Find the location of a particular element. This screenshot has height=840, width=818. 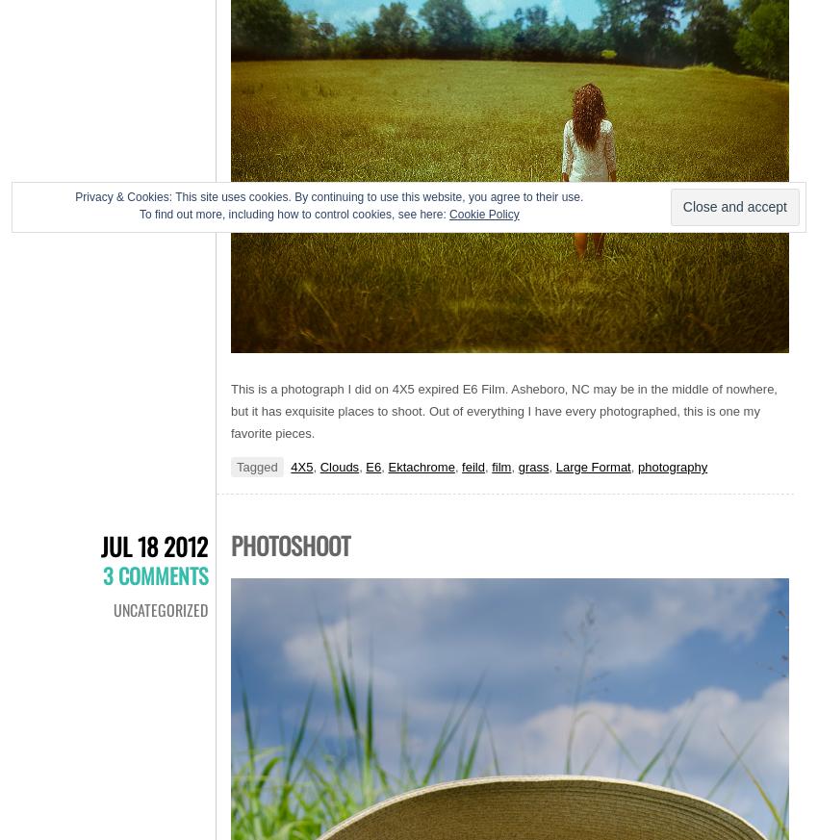

'Cookie Policy' is located at coordinates (484, 213).